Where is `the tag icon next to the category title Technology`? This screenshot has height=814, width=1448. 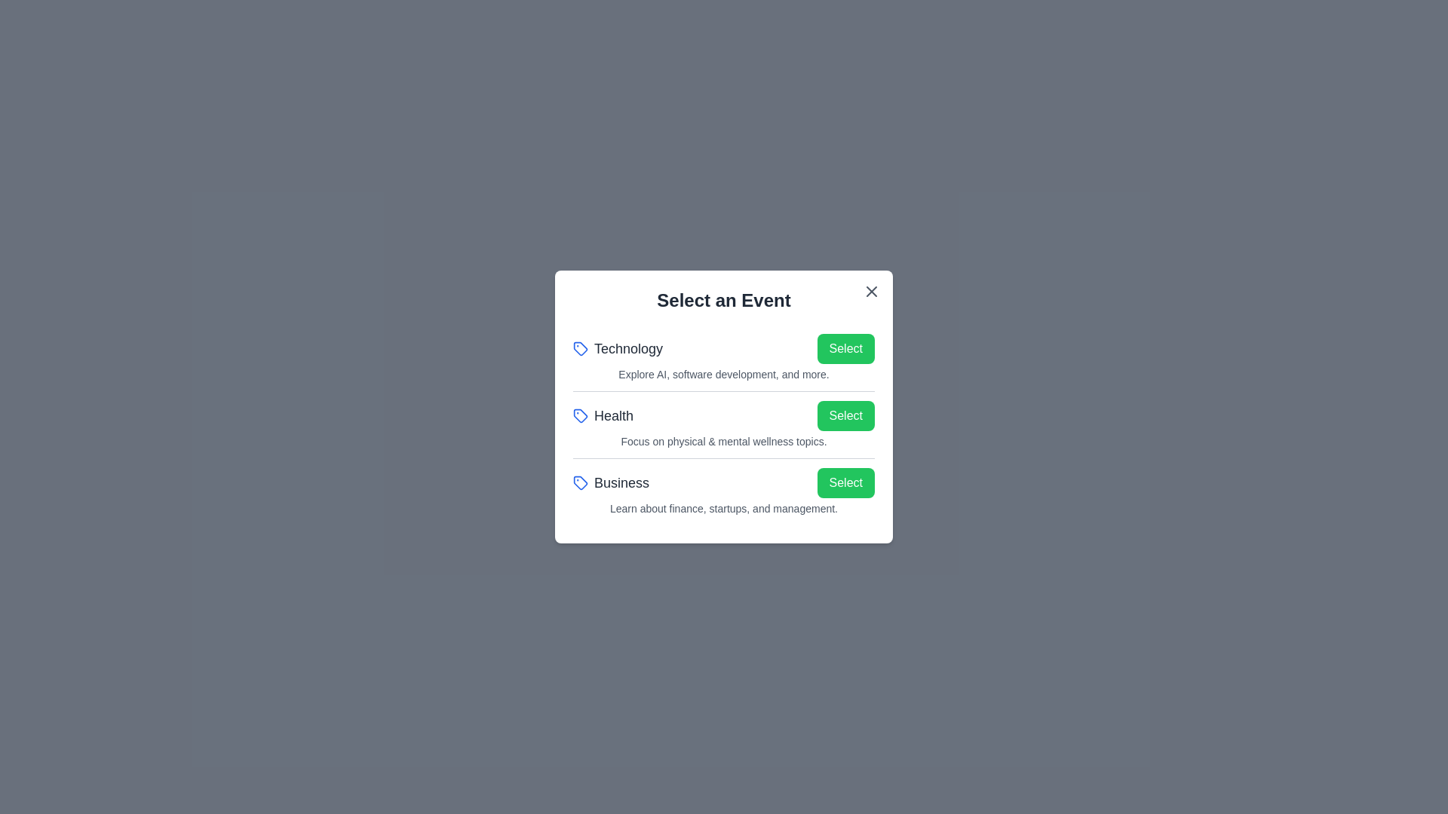
the tag icon next to the category title Technology is located at coordinates (579, 348).